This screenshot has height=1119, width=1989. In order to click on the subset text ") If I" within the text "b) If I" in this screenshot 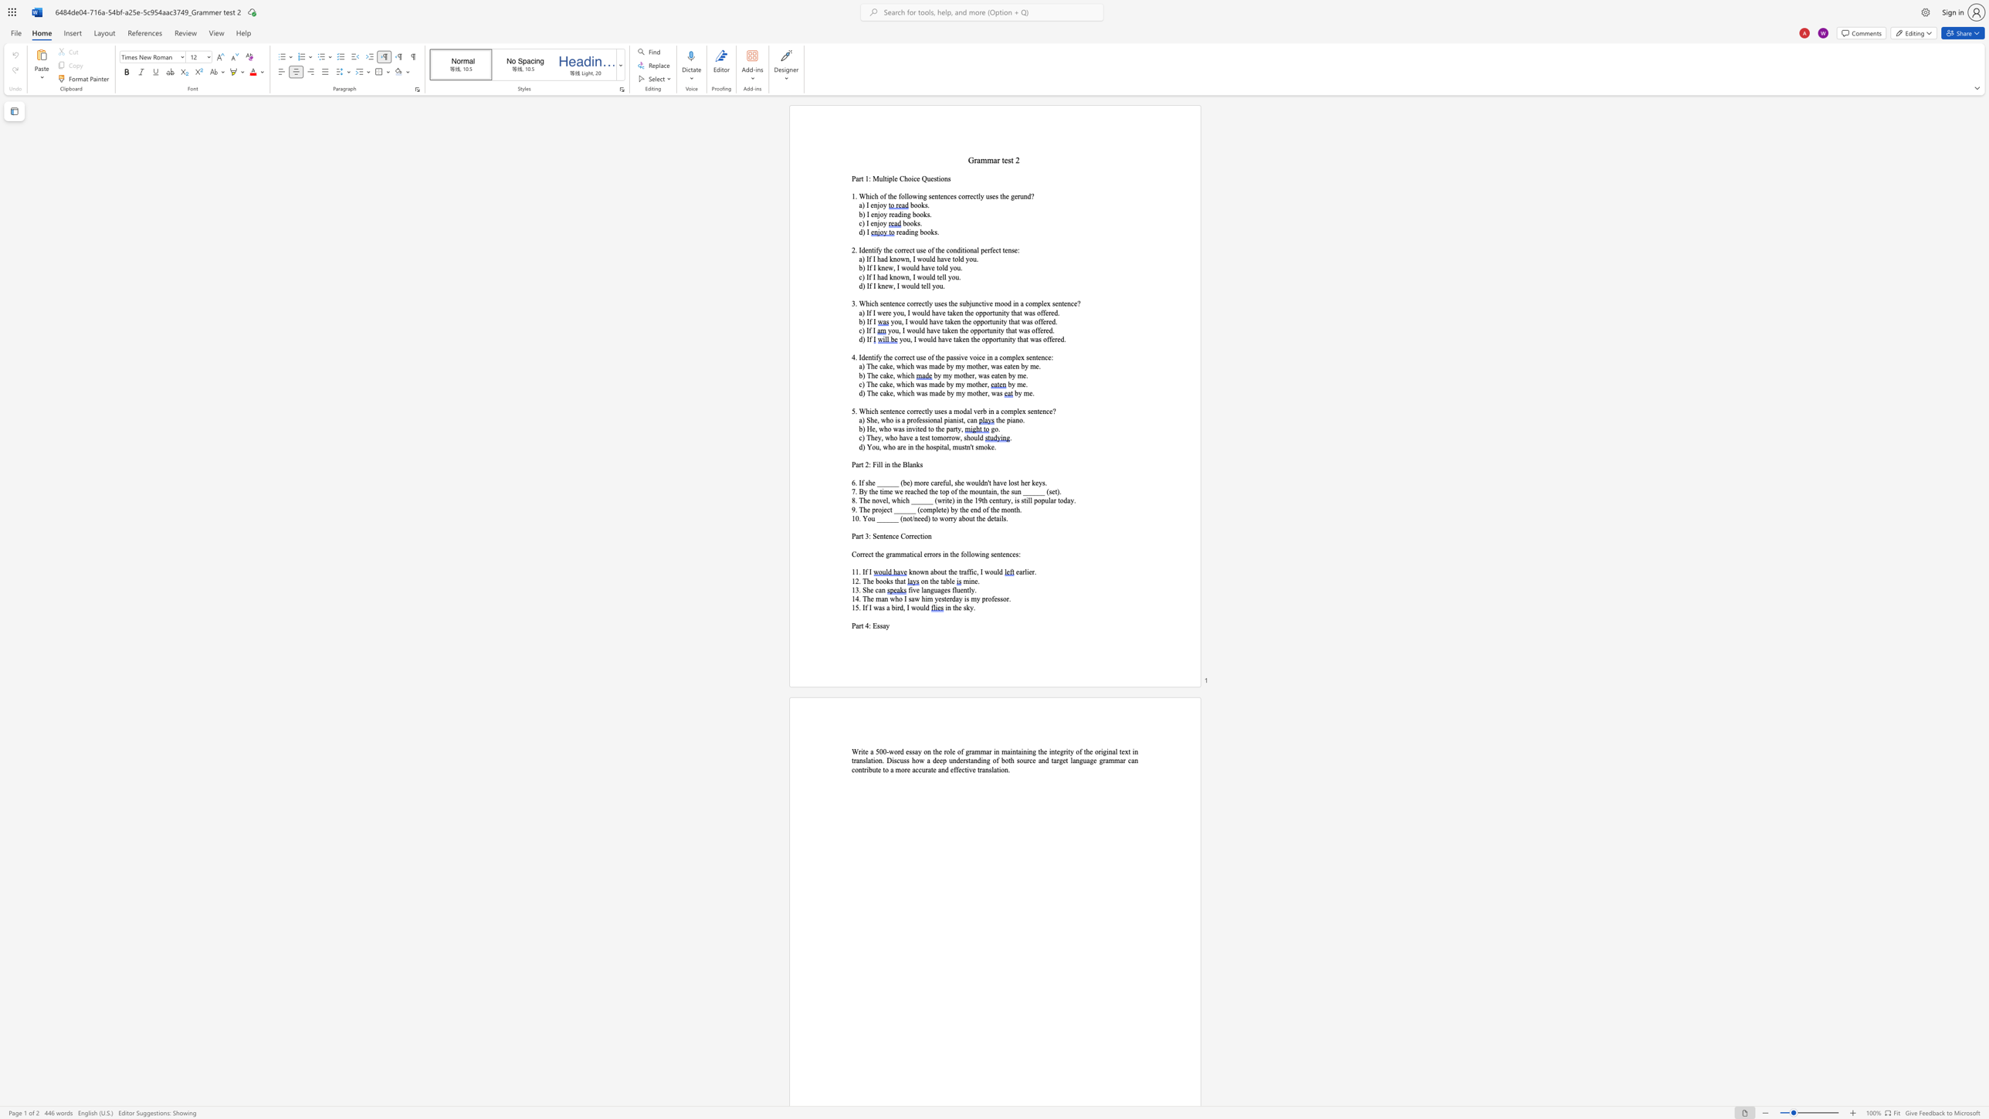, I will do `click(862, 320)`.